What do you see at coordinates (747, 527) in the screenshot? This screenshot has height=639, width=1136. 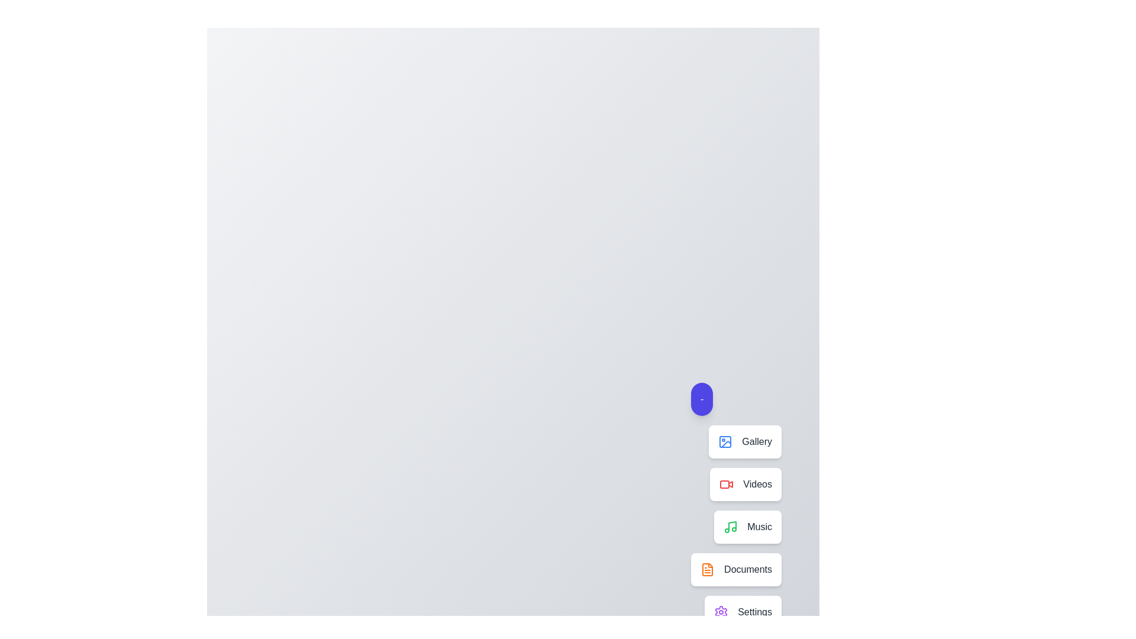 I see `the Music in the speed dial menu` at bounding box center [747, 527].